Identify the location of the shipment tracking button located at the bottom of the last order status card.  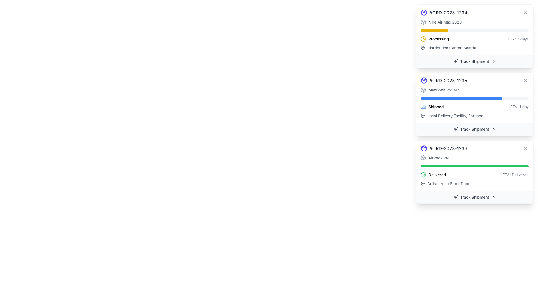
(474, 197).